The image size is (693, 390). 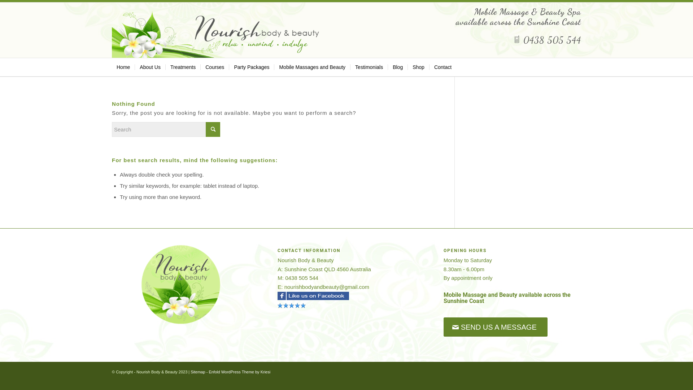 What do you see at coordinates (547, 40) in the screenshot?
I see `'0438 505 544'` at bounding box center [547, 40].